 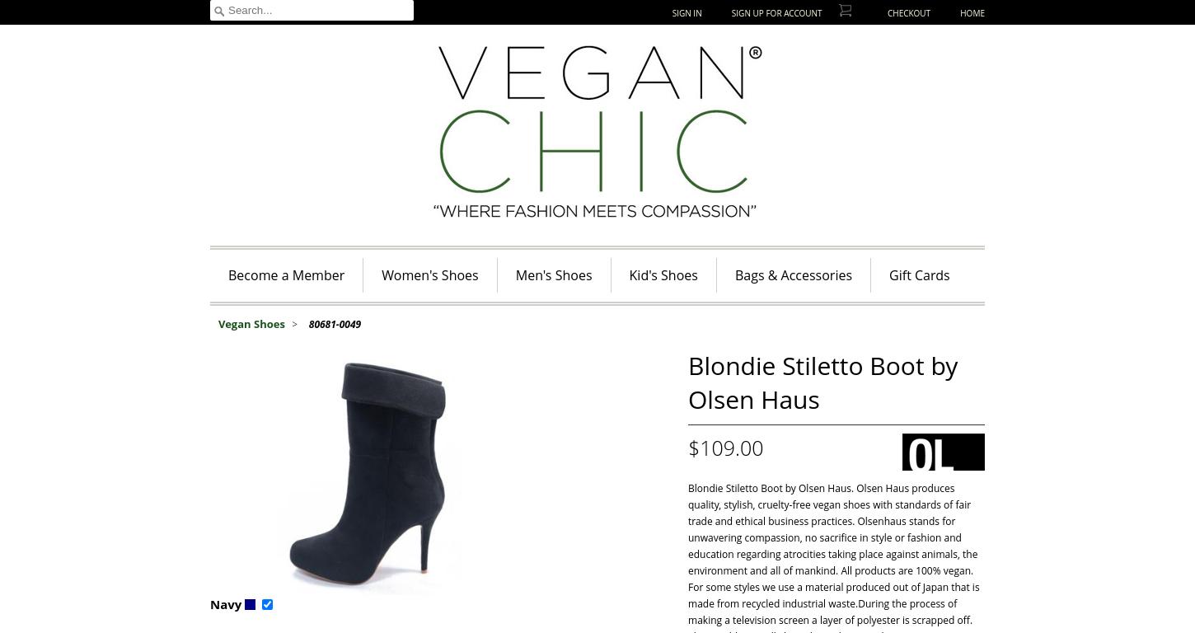 I want to click on '80681-0049', so click(x=307, y=323).